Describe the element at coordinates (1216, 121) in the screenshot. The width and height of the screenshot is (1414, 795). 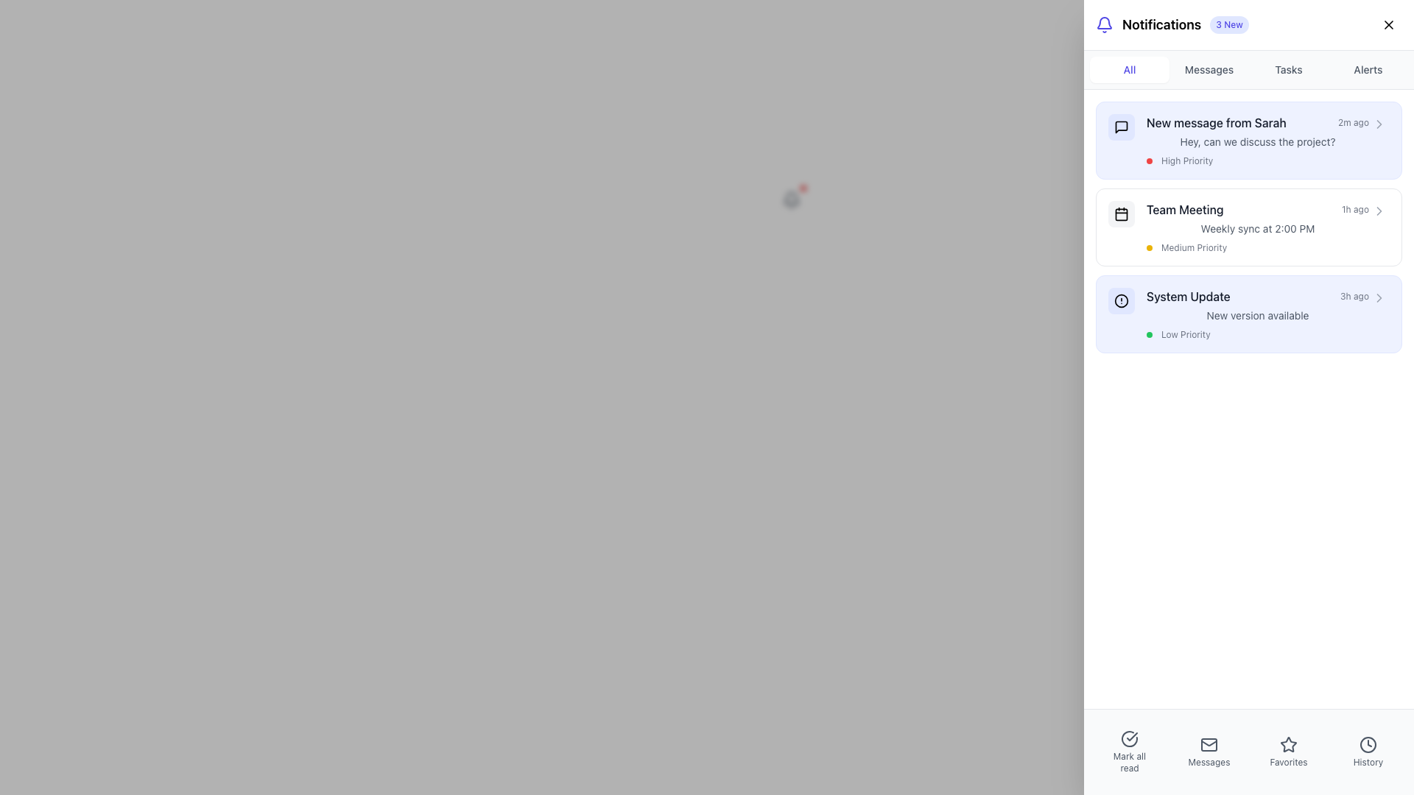
I see `text label that contains 'New message from Sarah', which is styled in dark gray and positioned at the top-left corner of the notification card` at that location.